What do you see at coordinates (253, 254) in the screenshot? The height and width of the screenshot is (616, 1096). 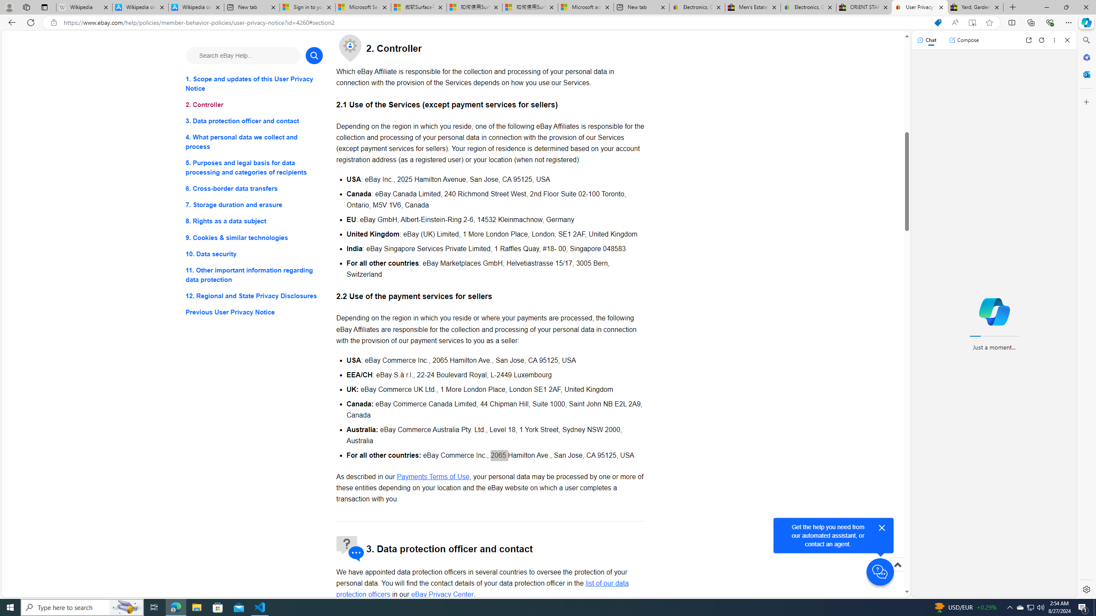 I see `'10. Data security'` at bounding box center [253, 254].